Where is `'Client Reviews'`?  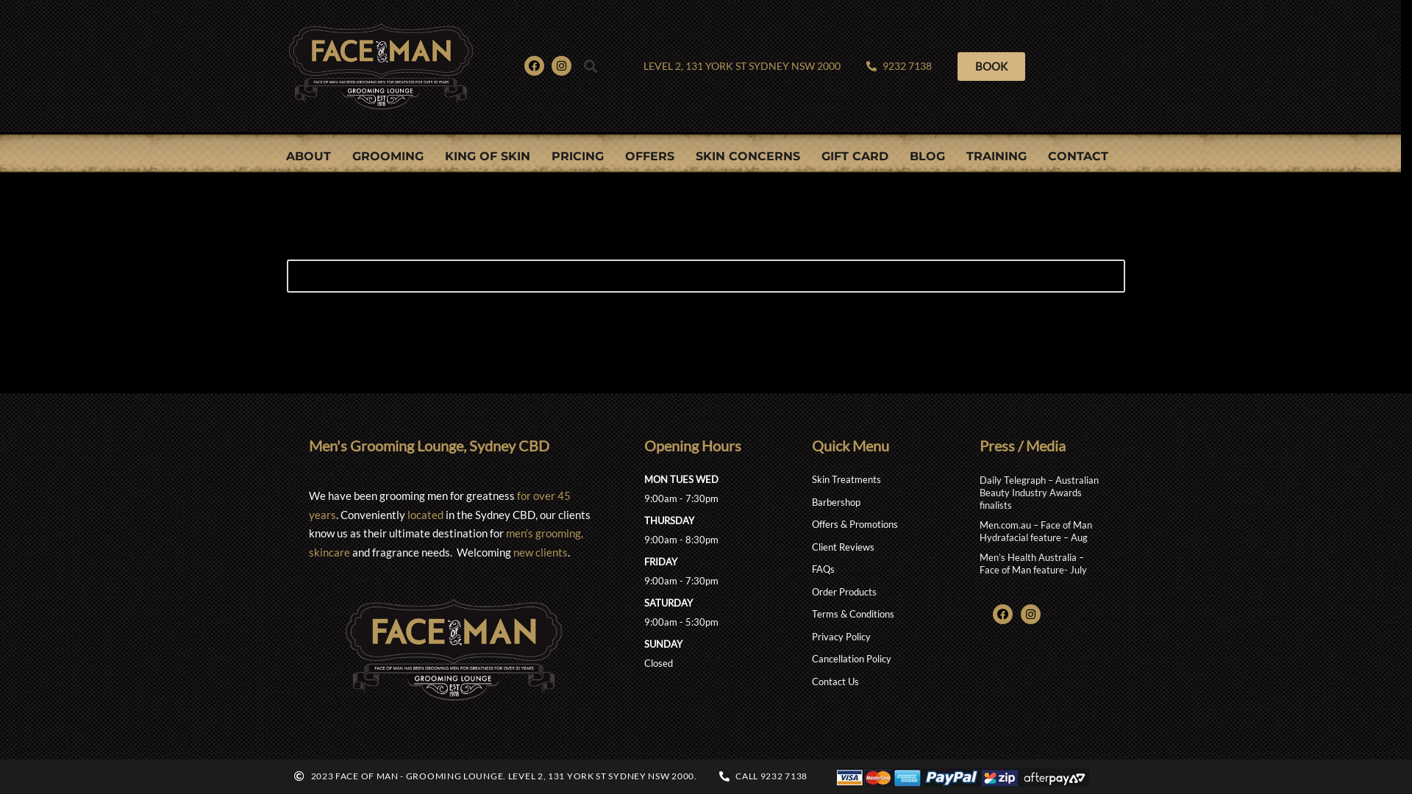
'Client Reviews' is located at coordinates (873, 547).